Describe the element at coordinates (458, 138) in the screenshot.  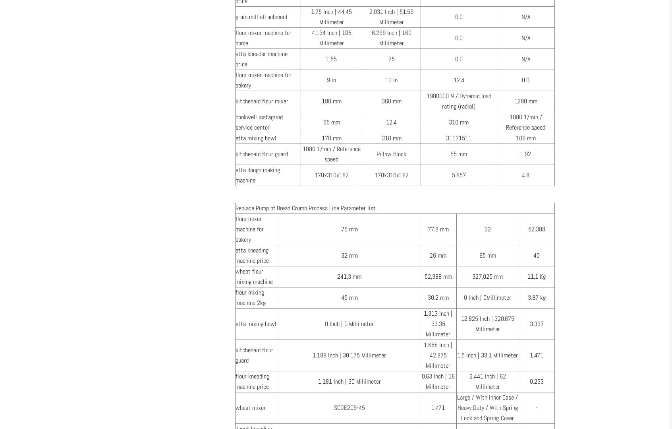
I see `'31171511'` at that location.